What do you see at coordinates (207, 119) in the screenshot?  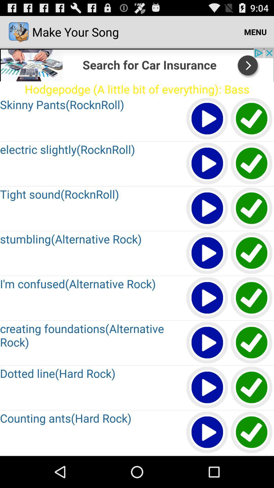 I see `clip` at bounding box center [207, 119].